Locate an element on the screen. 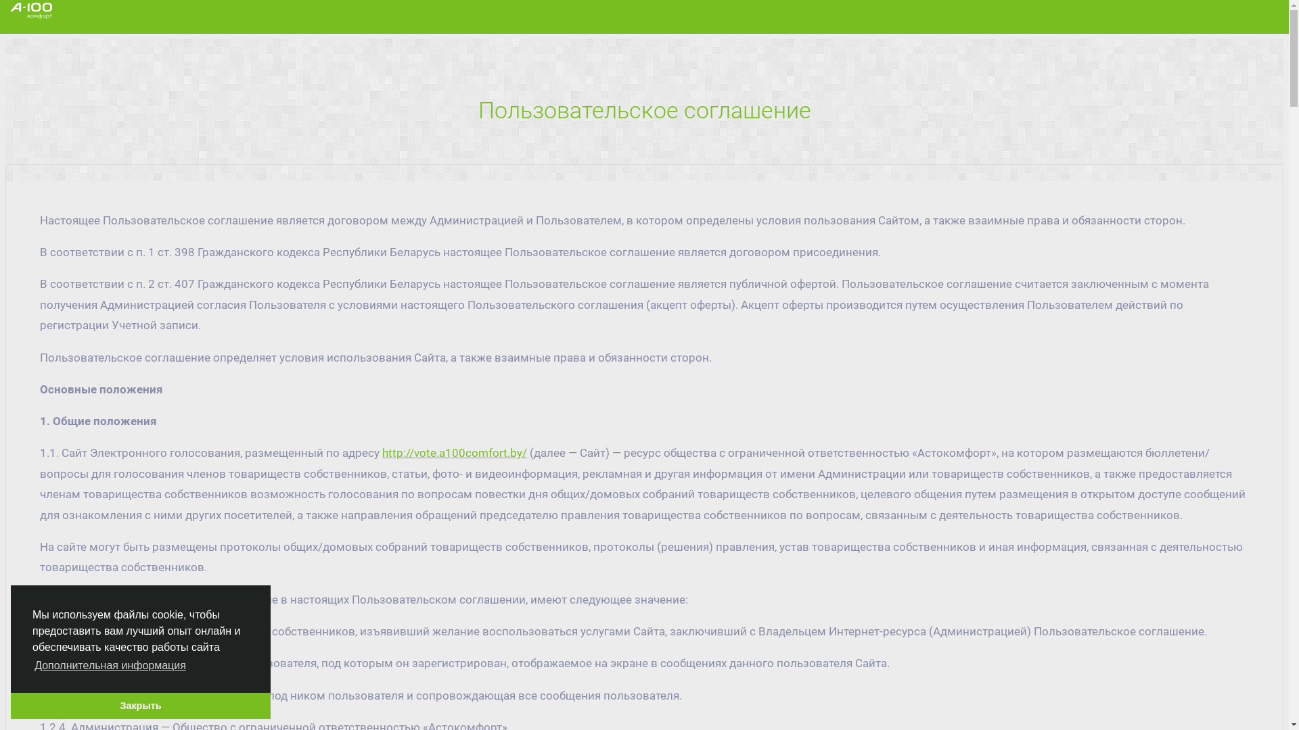 The height and width of the screenshot is (730, 1299). 'http://vote.a100comfort.by/' is located at coordinates (382, 453).